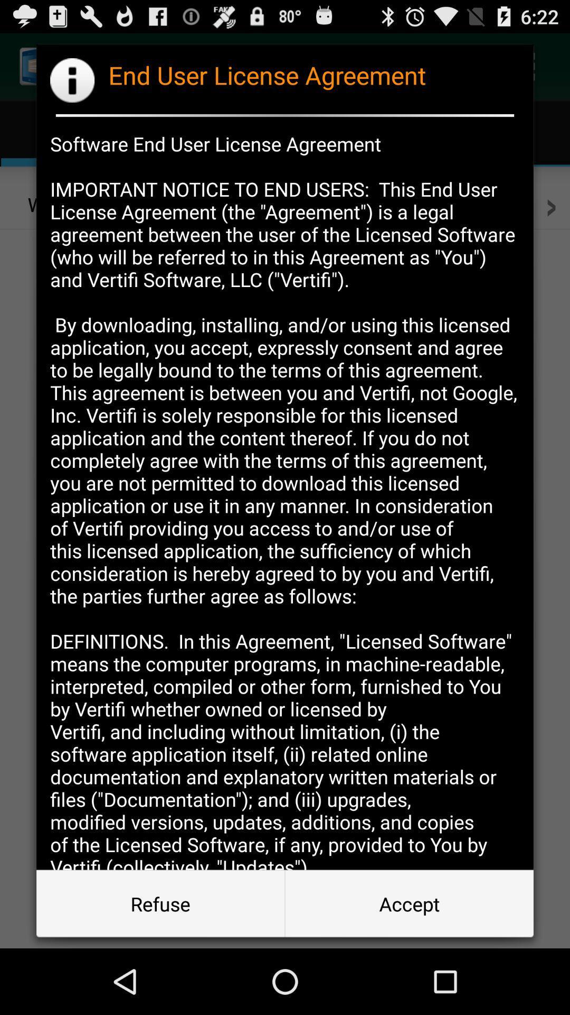 This screenshot has width=570, height=1015. I want to click on the refuse item, so click(160, 903).